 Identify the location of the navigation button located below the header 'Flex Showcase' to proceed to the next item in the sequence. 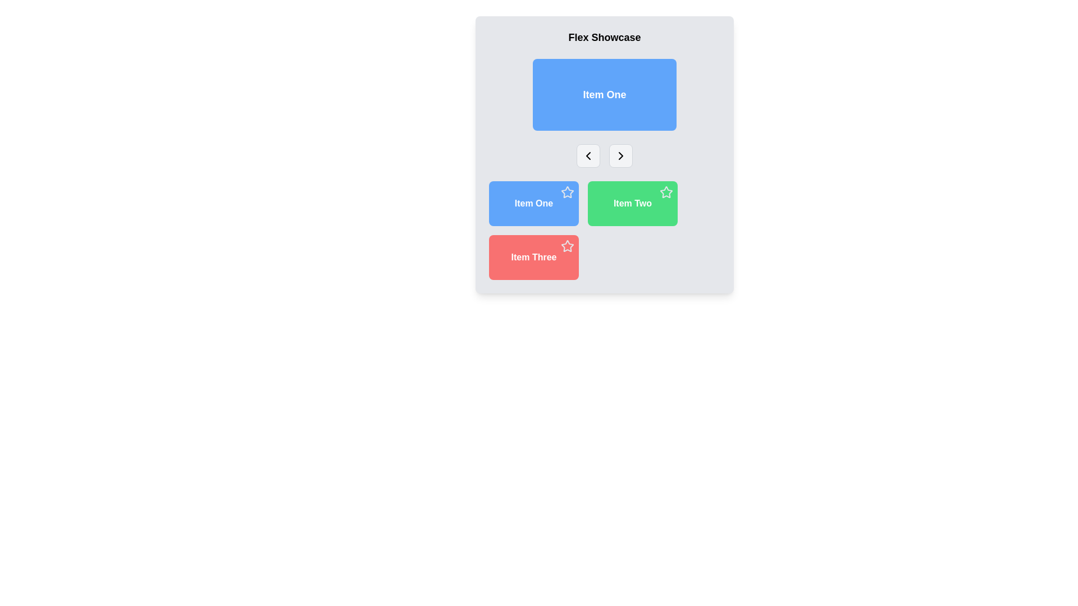
(620, 155).